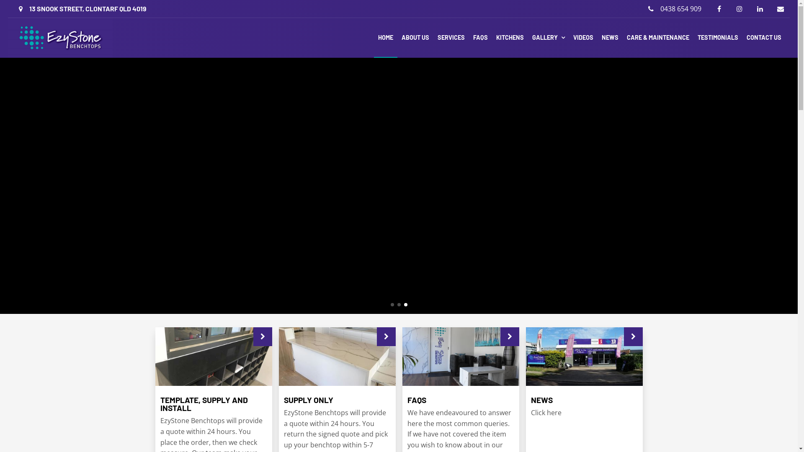 The image size is (804, 452). Describe the element at coordinates (657, 38) in the screenshot. I see `'CARE & MAINTENANCE'` at that location.